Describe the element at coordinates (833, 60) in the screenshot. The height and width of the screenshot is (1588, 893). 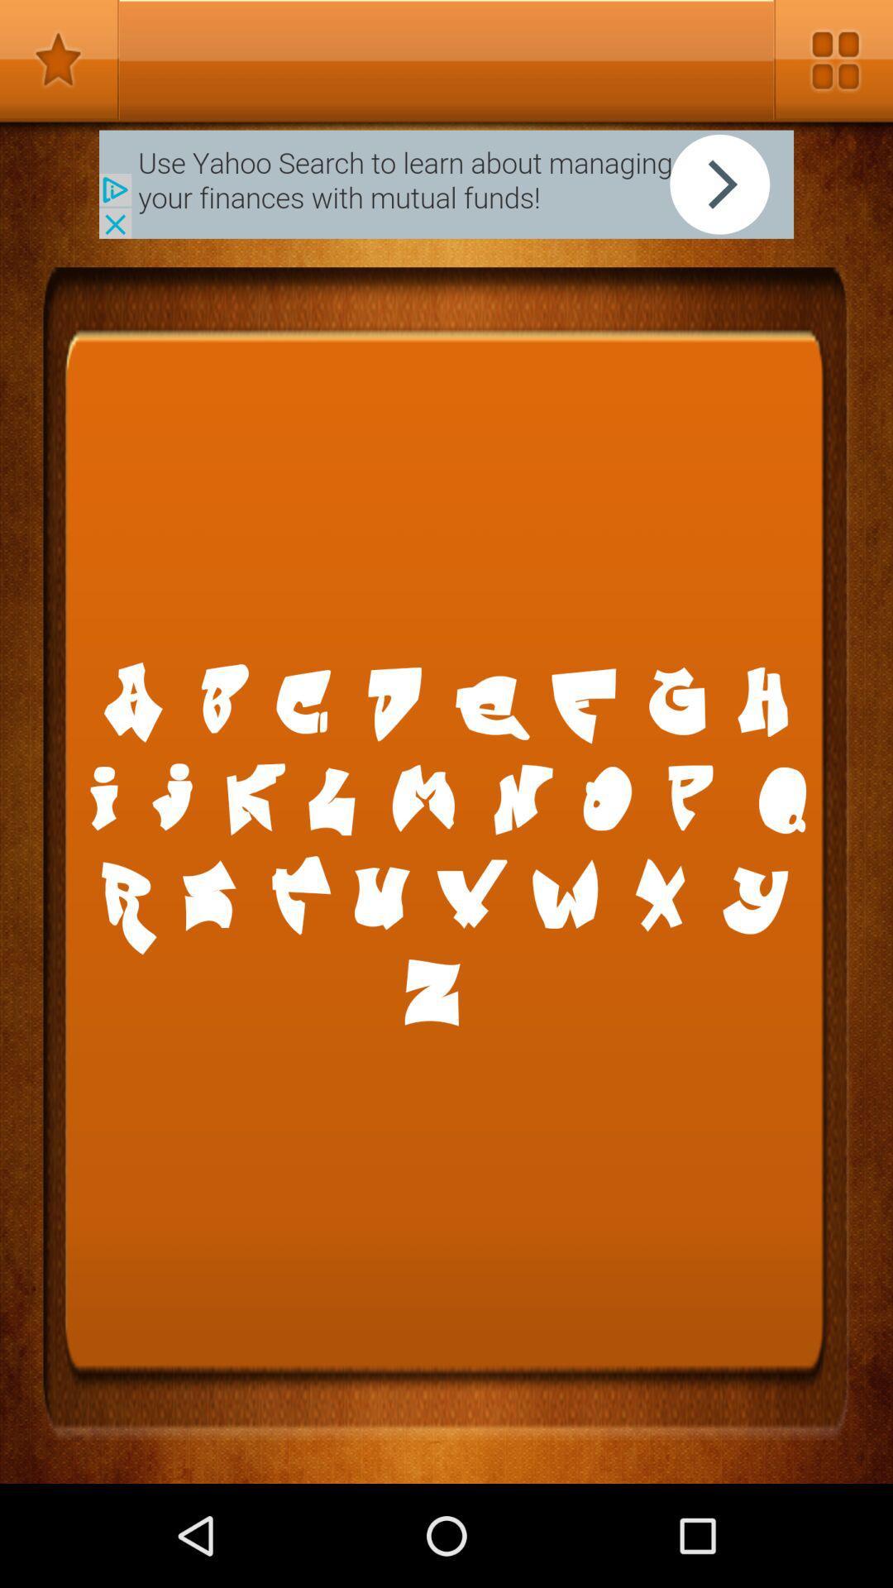
I see `setting bar option` at that location.